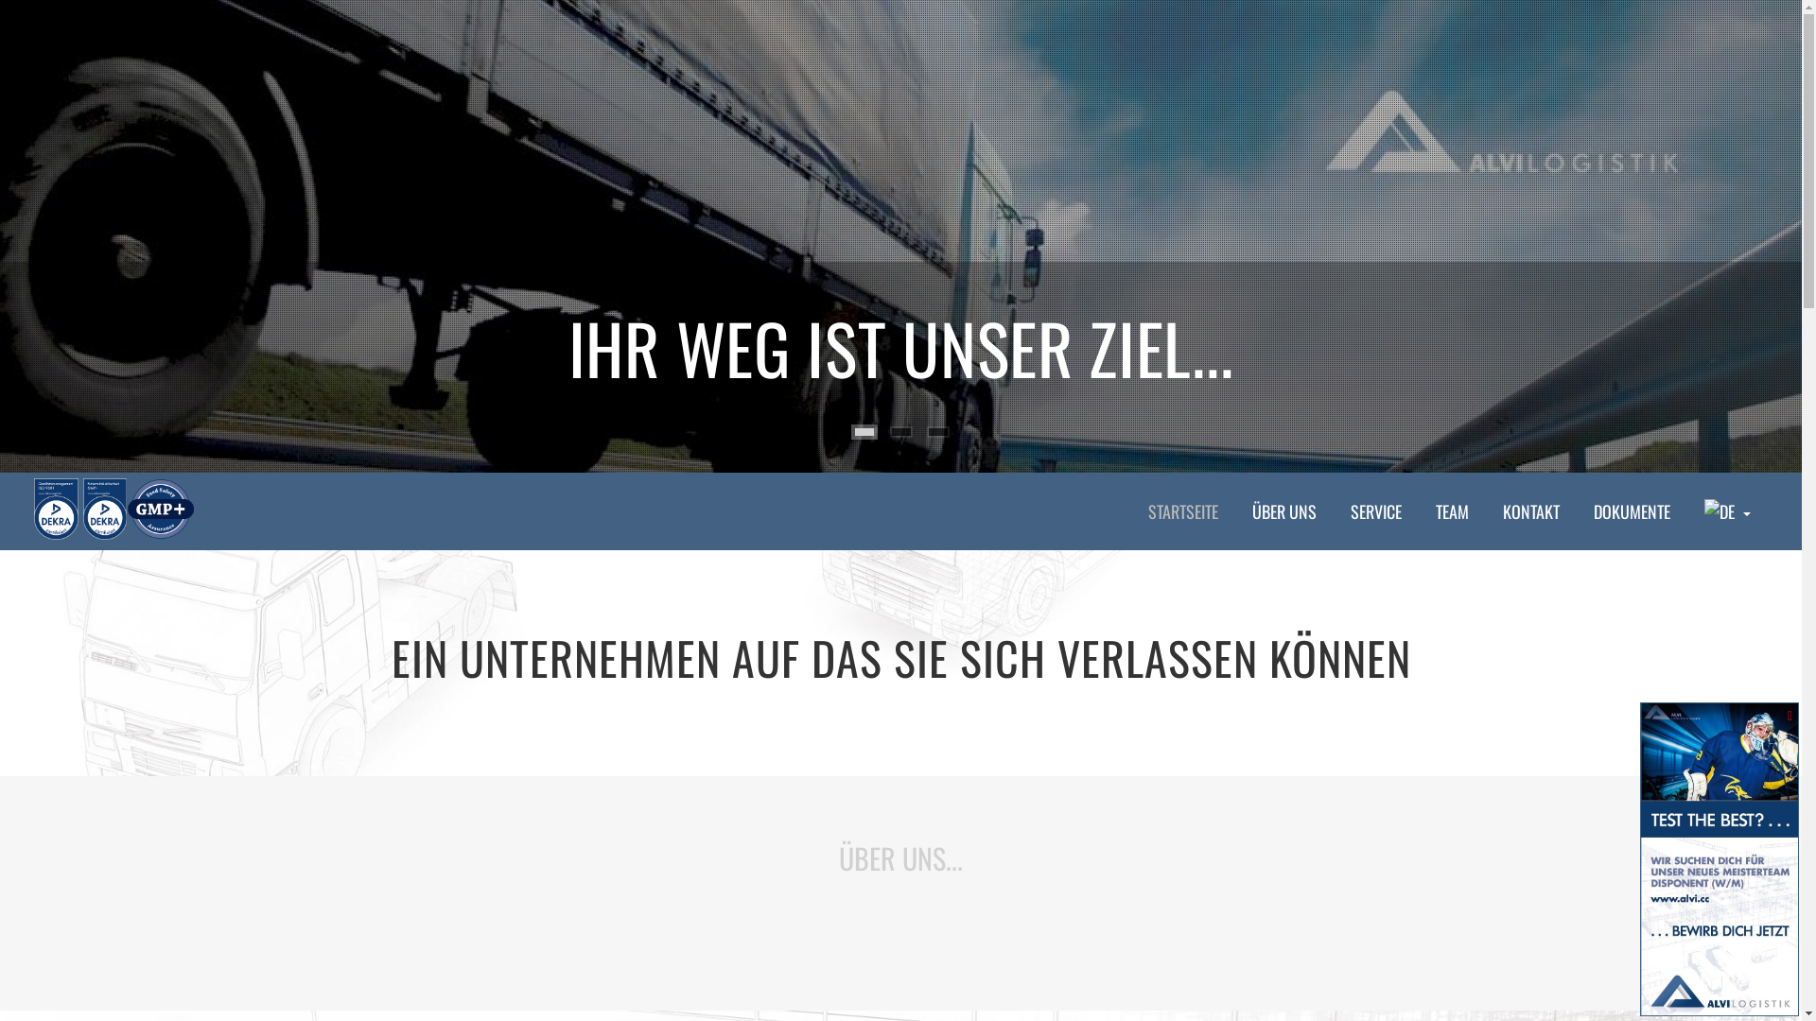 This screenshot has width=1816, height=1021. What do you see at coordinates (1530, 510) in the screenshot?
I see `'KONTAKT'` at bounding box center [1530, 510].